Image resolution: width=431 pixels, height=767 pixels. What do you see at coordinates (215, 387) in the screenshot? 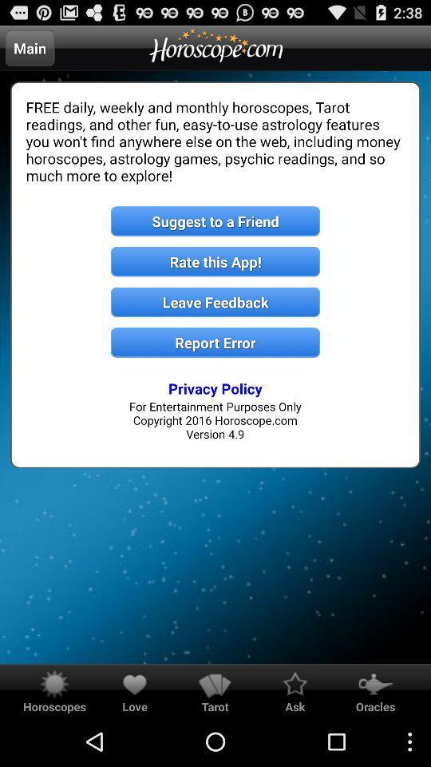
I see `privacy policy` at bounding box center [215, 387].